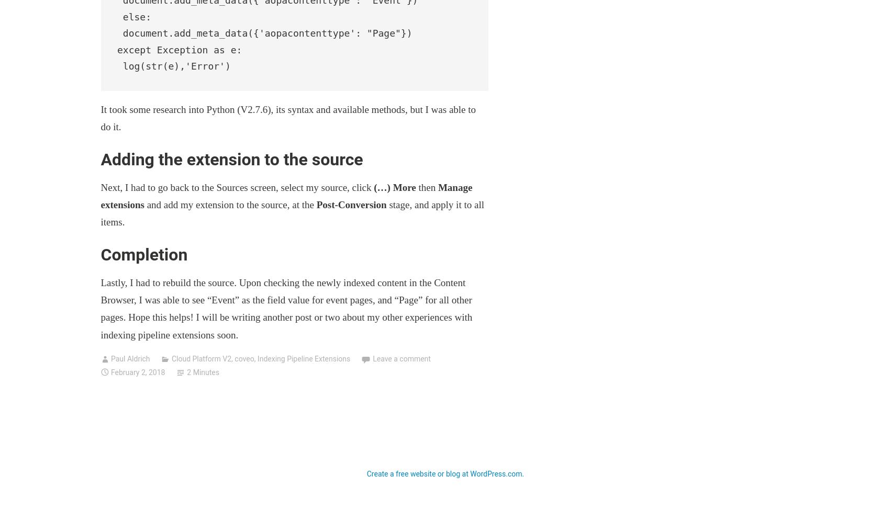  I want to click on 'stage, and apply it to all items.', so click(99, 213).